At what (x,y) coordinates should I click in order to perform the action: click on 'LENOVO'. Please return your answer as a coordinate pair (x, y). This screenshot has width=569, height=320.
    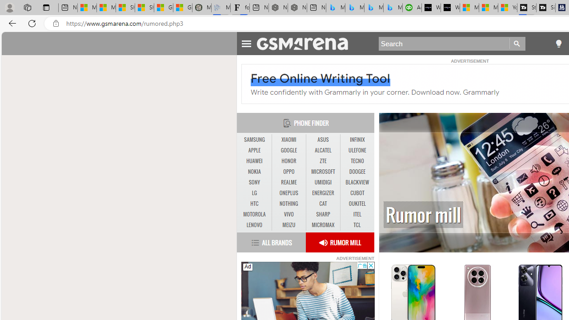
    Looking at the image, I should click on (254, 224).